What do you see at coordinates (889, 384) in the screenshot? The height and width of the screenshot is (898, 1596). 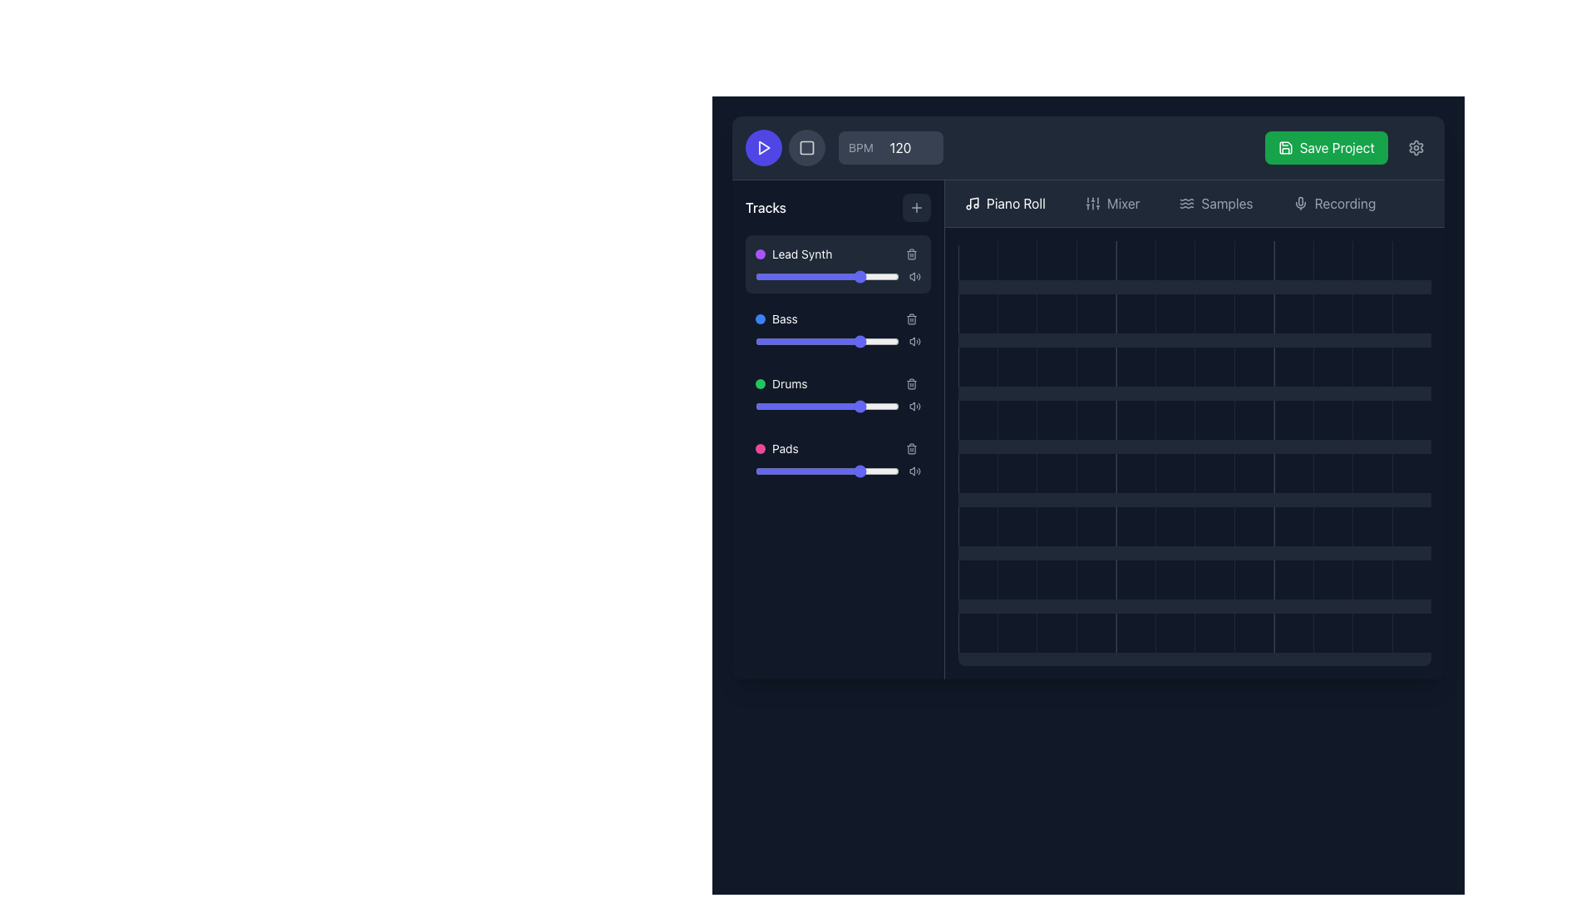 I see `the volume for the 'Drums' track` at bounding box center [889, 384].